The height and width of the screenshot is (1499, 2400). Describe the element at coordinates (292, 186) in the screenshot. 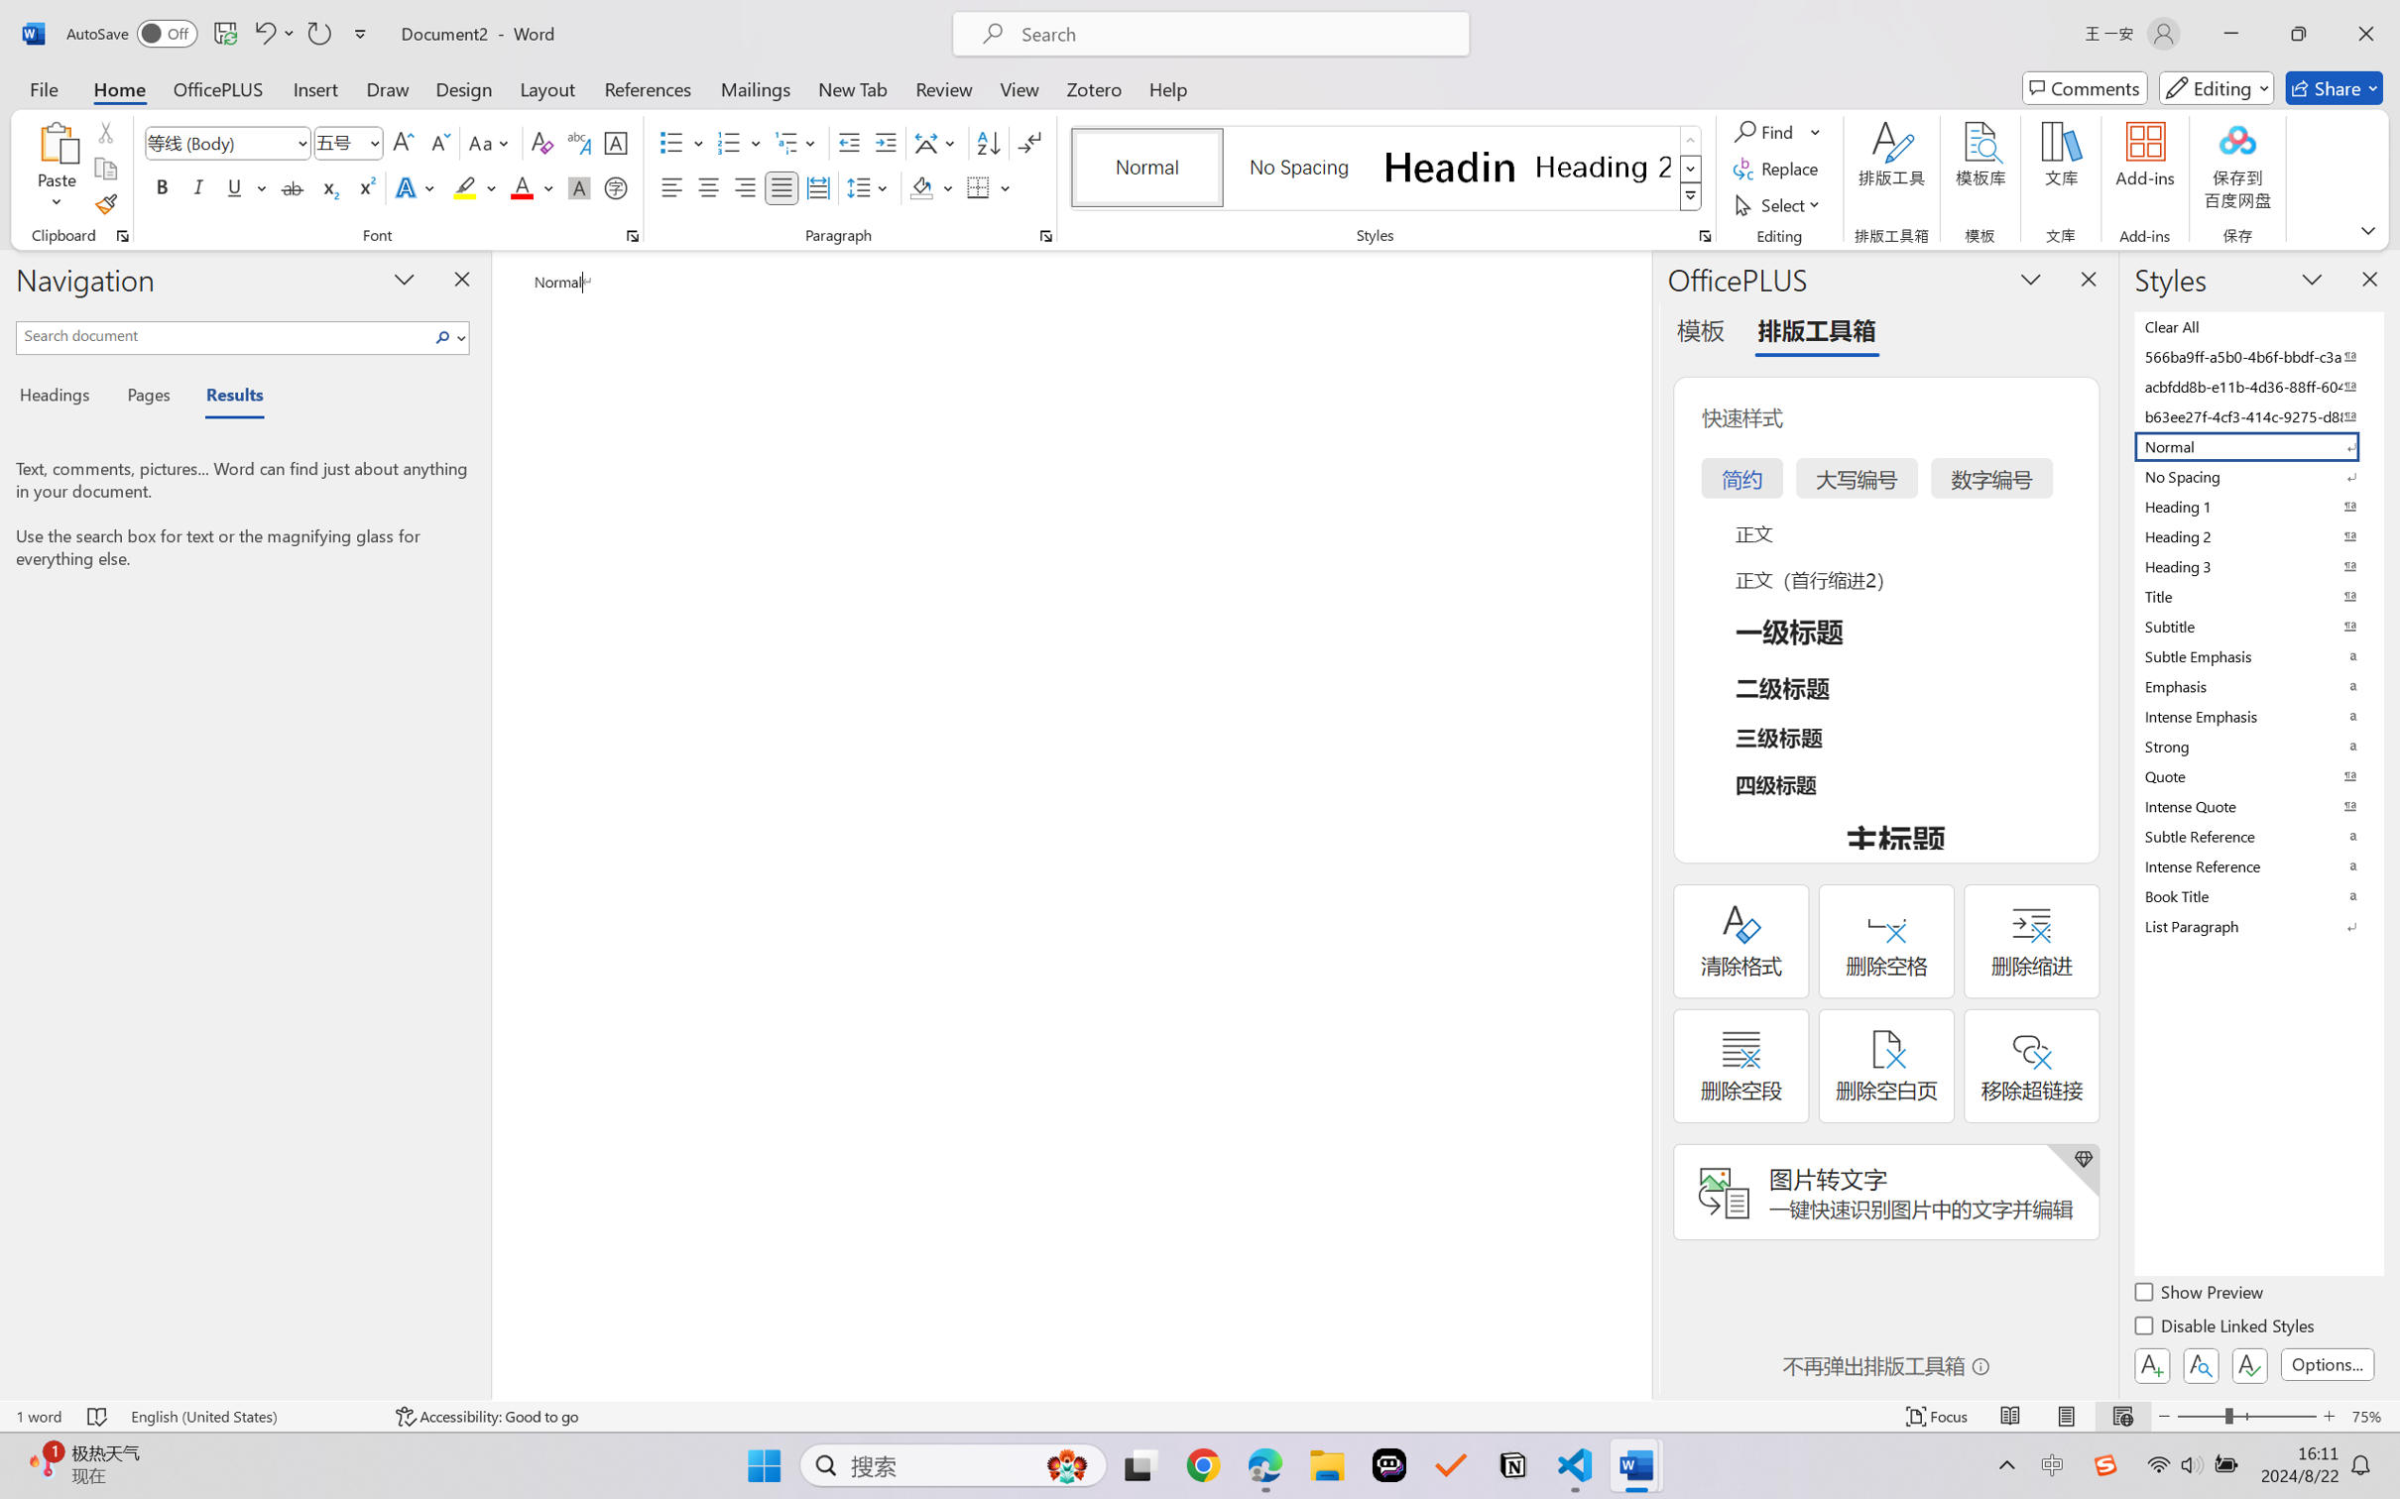

I see `'Strikethrough'` at that location.